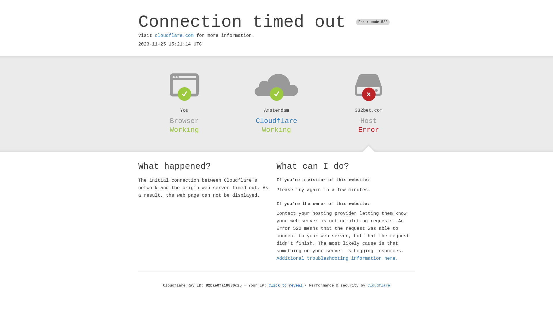  I want to click on 'cloudflare.com', so click(174, 35).